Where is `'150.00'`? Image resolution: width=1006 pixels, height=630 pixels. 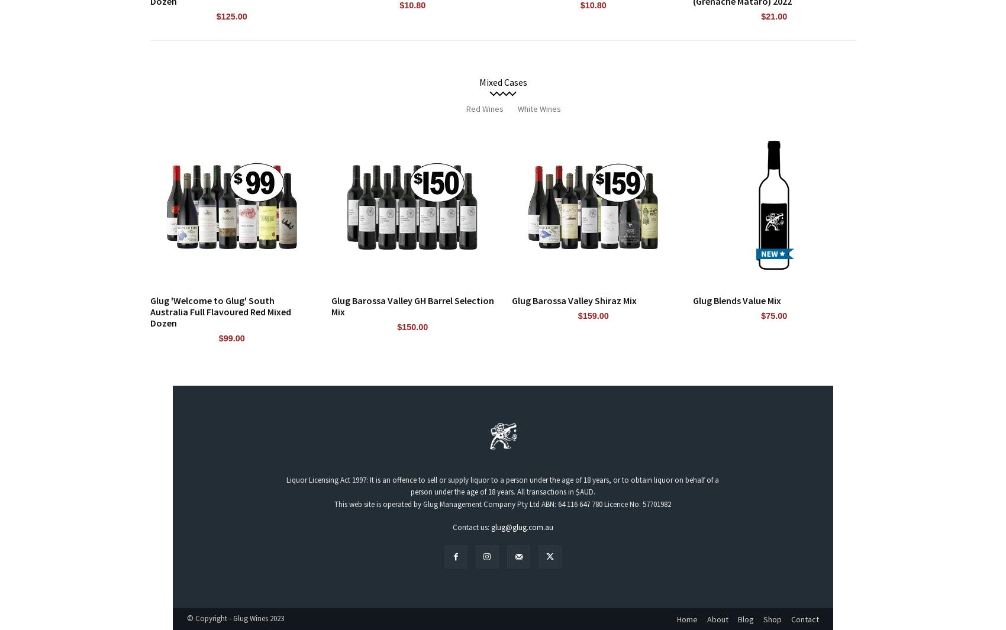
'150.00' is located at coordinates (415, 327).